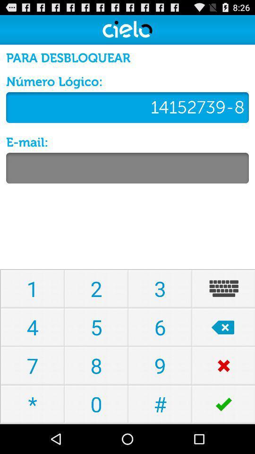  Describe the element at coordinates (127, 168) in the screenshot. I see `email address` at that location.